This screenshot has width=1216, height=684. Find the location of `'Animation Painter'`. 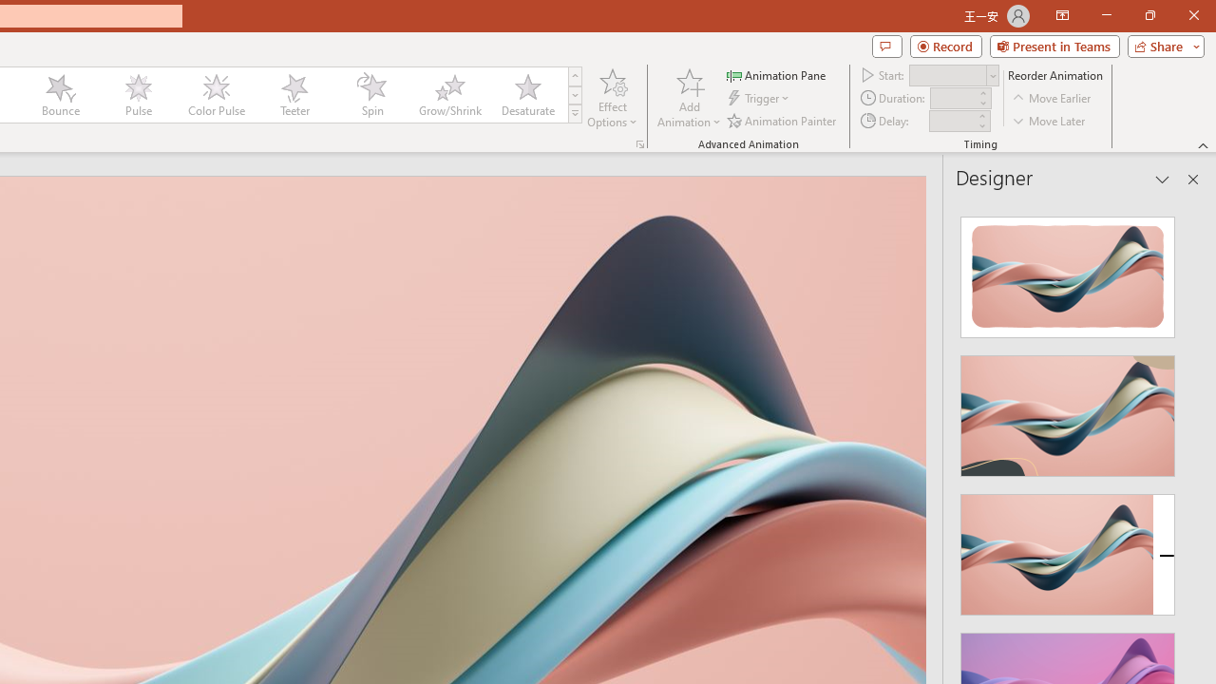

'Animation Painter' is located at coordinates (783, 121).